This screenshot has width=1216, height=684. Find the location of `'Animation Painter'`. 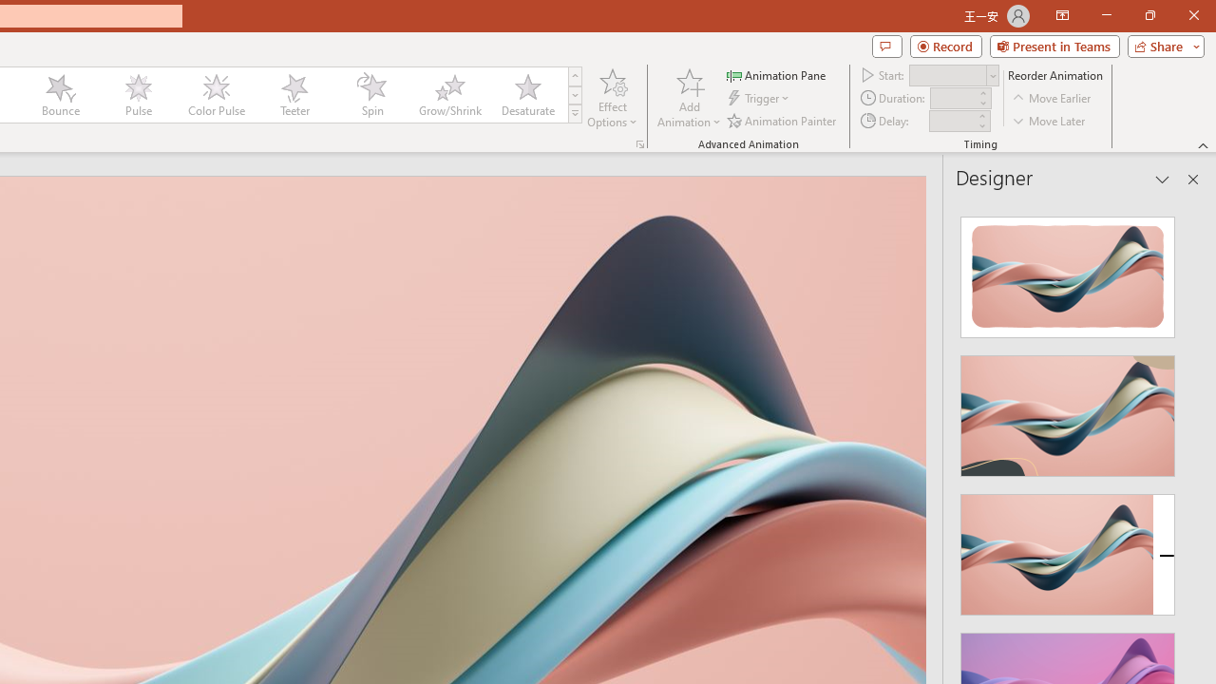

'Animation Painter' is located at coordinates (783, 121).